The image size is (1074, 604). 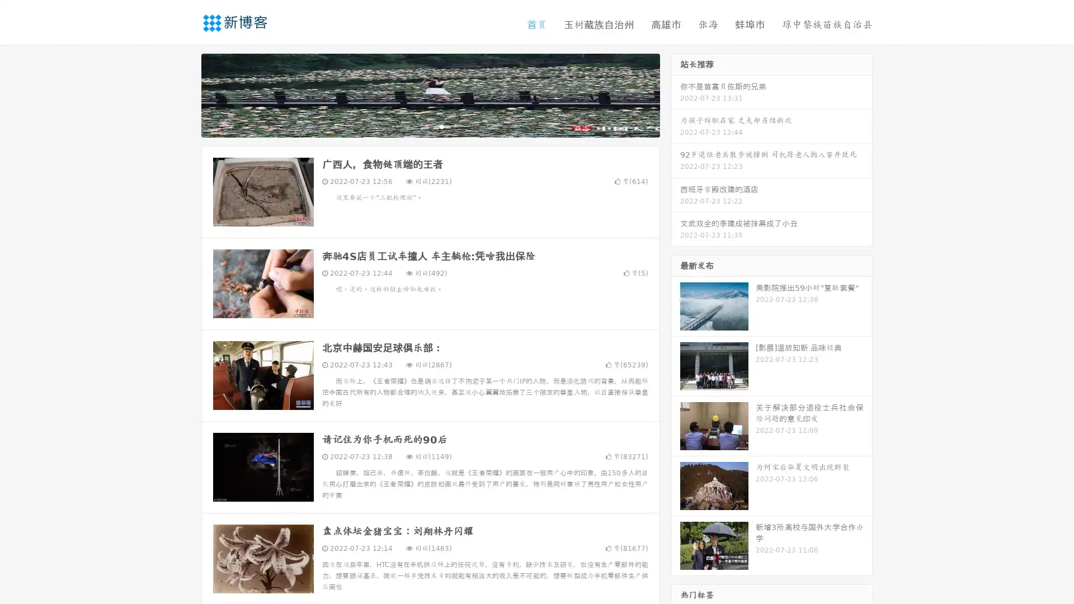 I want to click on Go to slide 1, so click(x=418, y=126).